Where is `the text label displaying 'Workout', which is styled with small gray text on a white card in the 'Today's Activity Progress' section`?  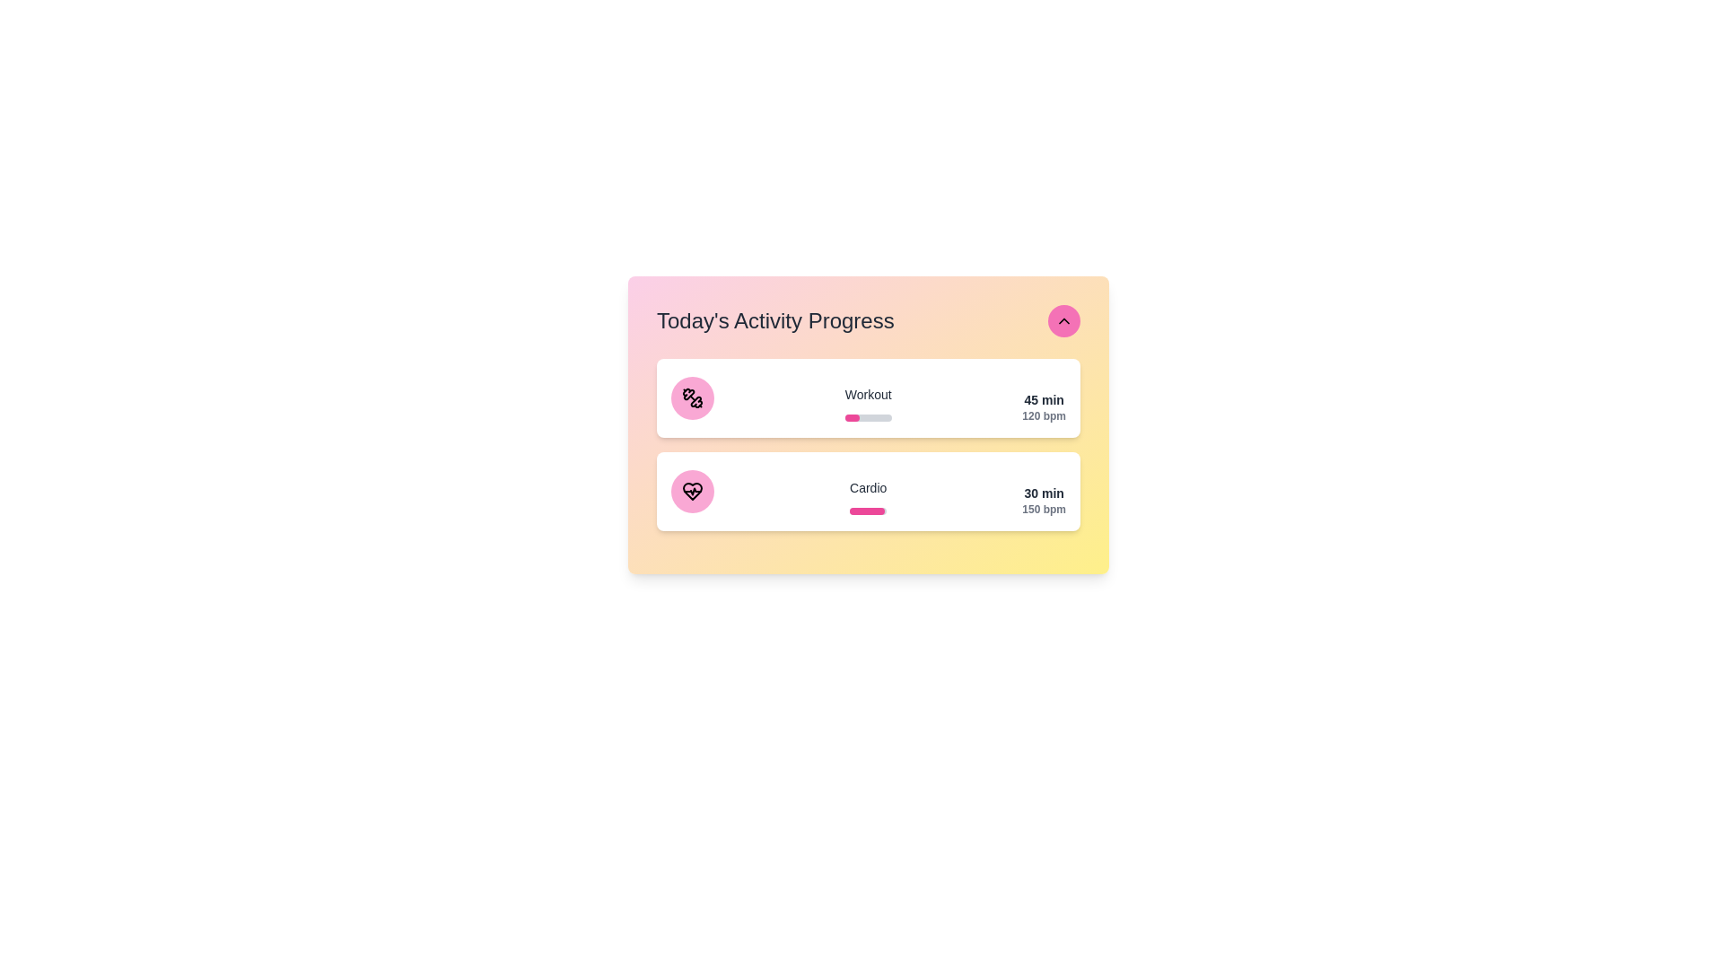 the text label displaying 'Workout', which is styled with small gray text on a white card in the 'Today's Activity Progress' section is located at coordinates (868, 393).